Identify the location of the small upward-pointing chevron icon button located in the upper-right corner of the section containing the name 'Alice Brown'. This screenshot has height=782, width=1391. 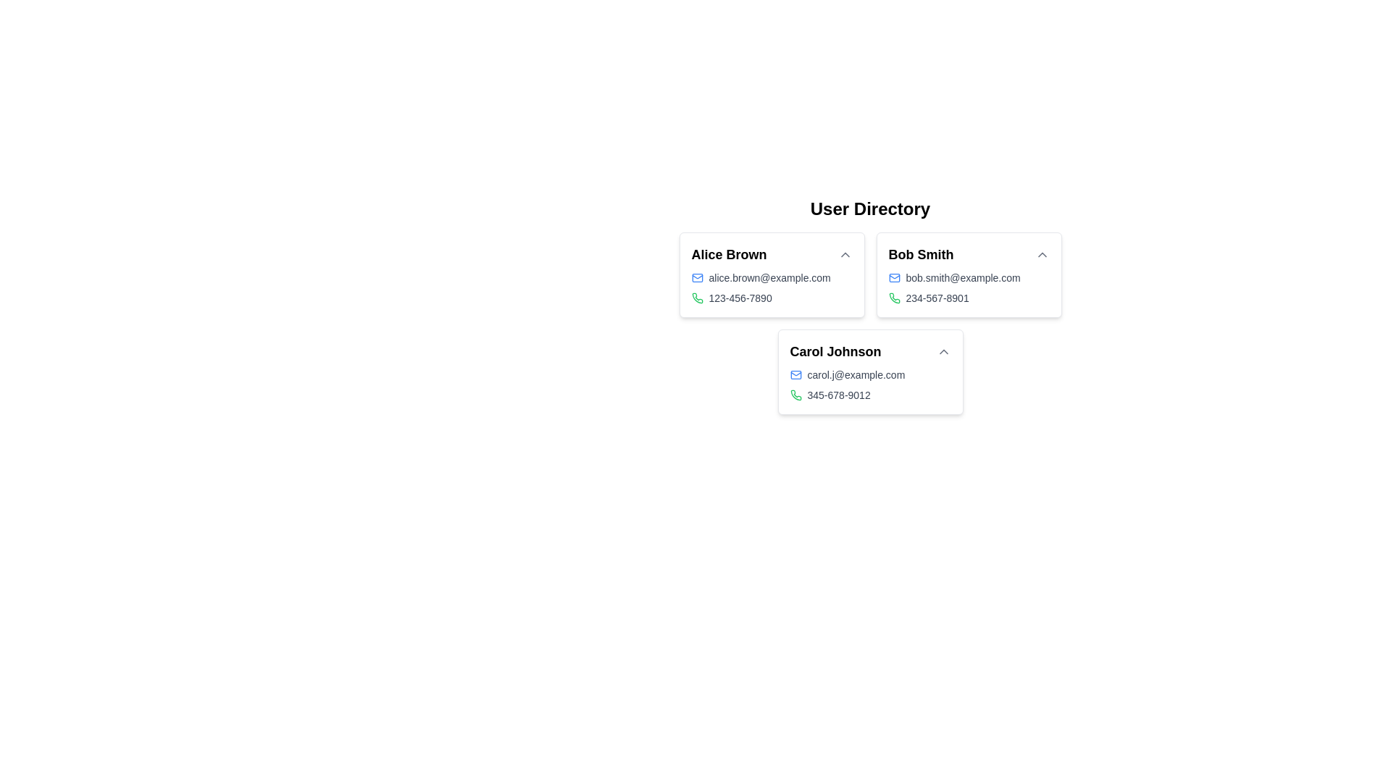
(845, 253).